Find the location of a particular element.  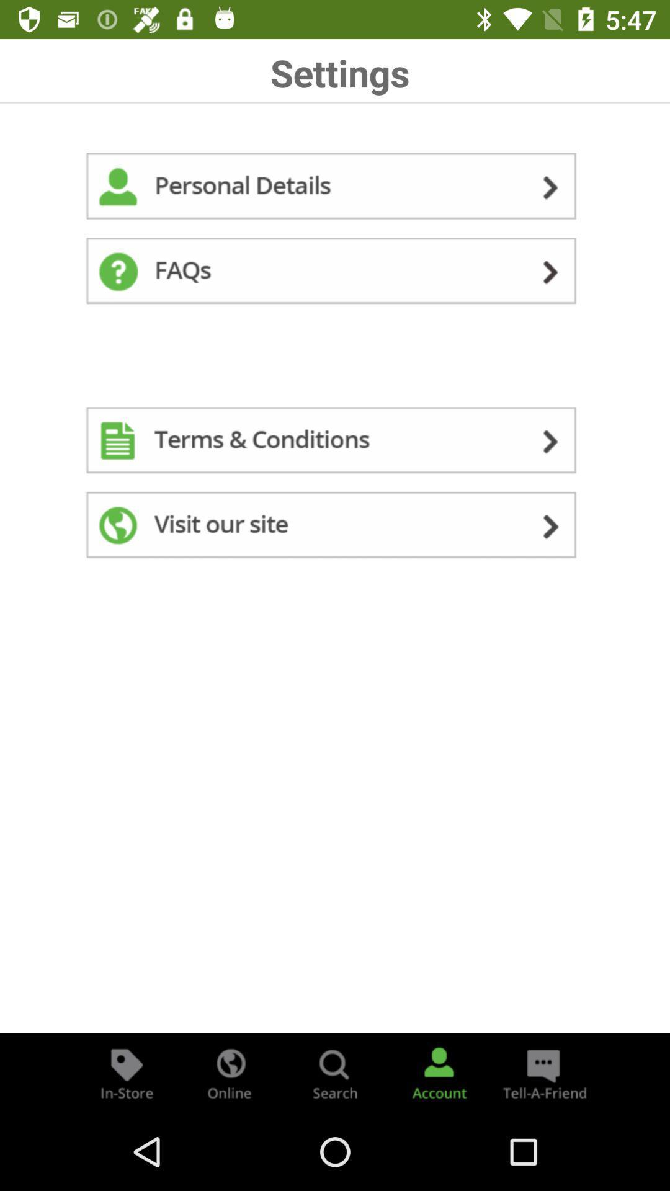

visit site is located at coordinates (335, 527).